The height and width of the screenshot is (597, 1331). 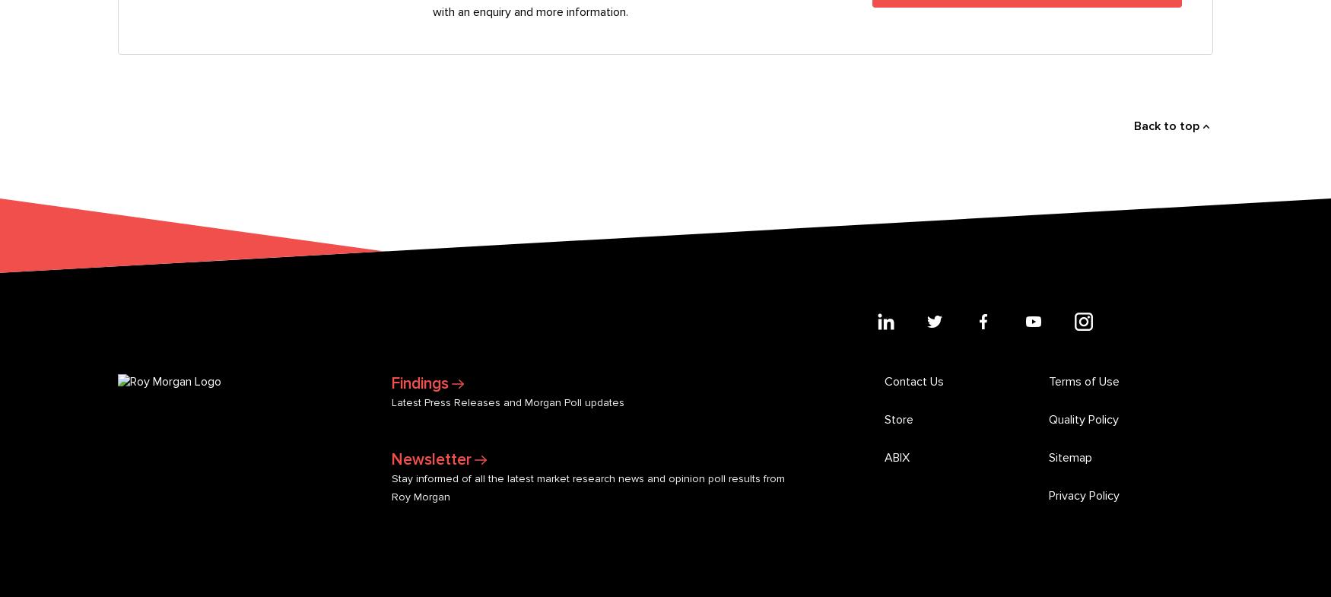 I want to click on 'Contact Us', so click(x=914, y=123).